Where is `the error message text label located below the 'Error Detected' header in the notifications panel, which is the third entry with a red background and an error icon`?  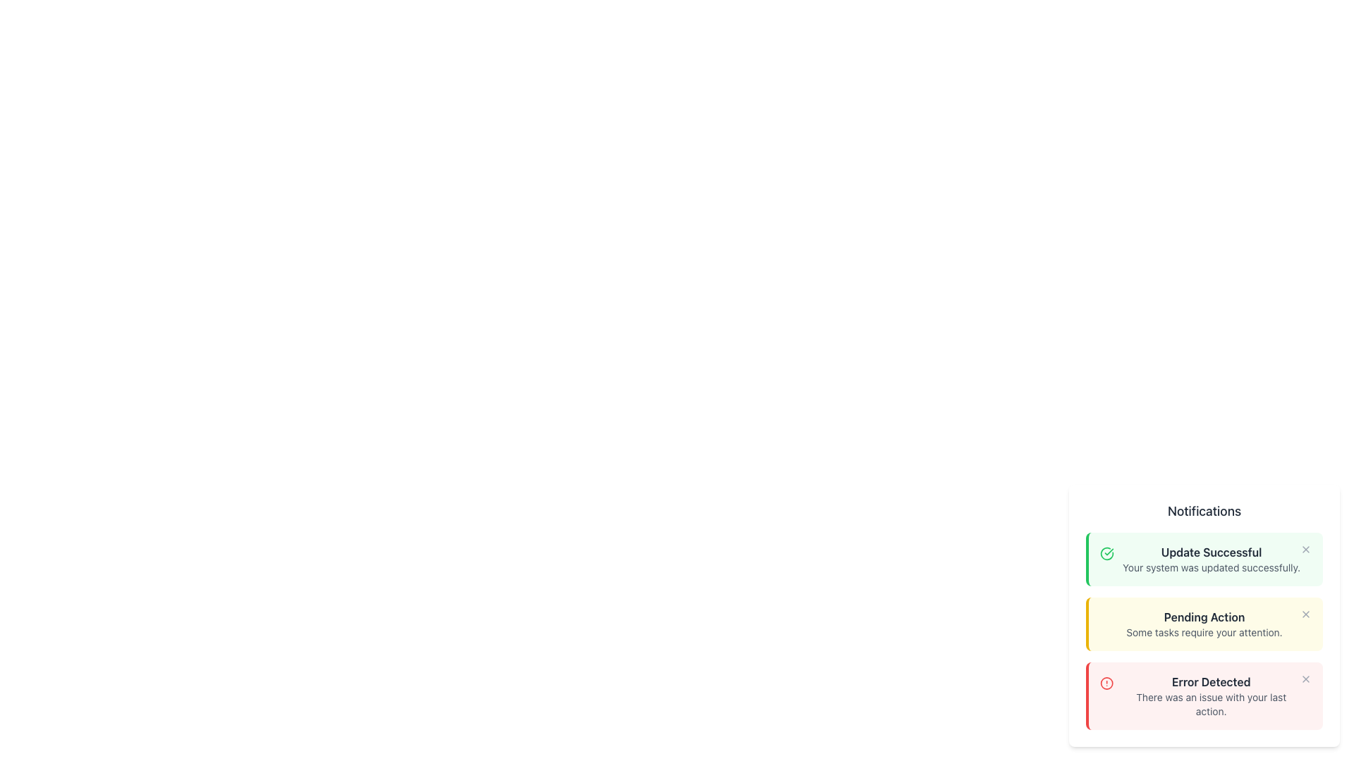
the error message text label located below the 'Error Detected' header in the notifications panel, which is the third entry with a red background and an error icon is located at coordinates (1210, 704).